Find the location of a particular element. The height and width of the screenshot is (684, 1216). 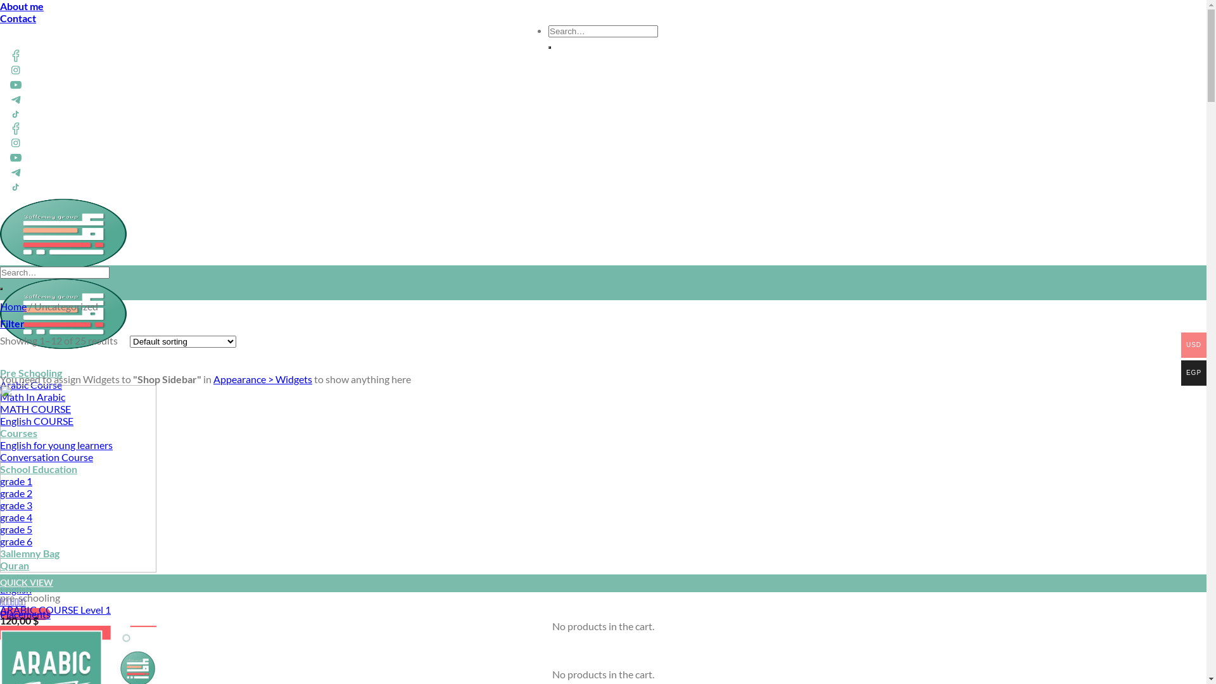

'About me' is located at coordinates (22, 6).